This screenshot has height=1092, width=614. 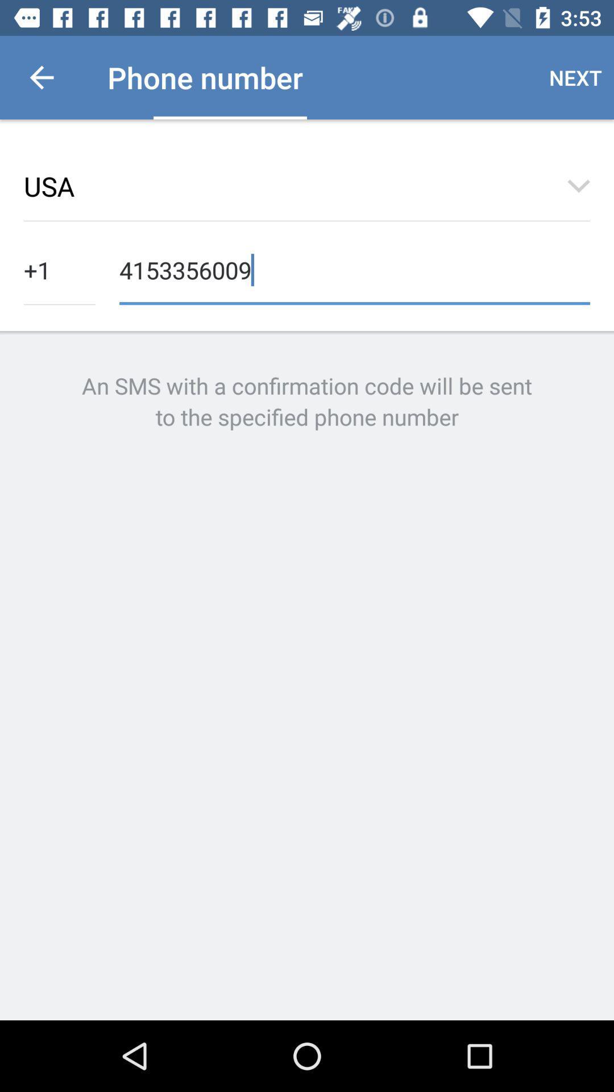 I want to click on next, so click(x=575, y=77).